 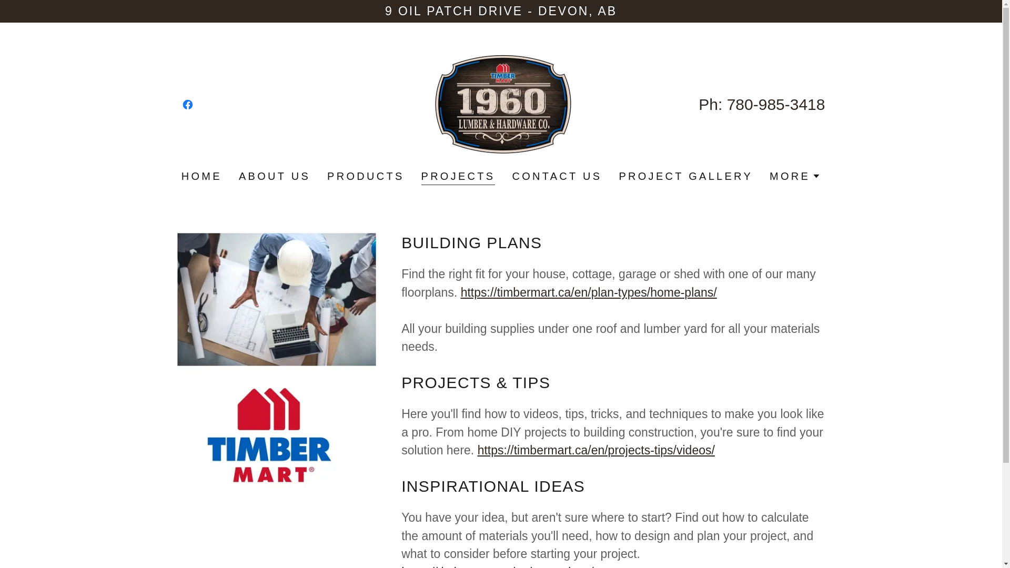 I want to click on 'https://timbermart.ca/en/plan-types/home-plans/', so click(x=588, y=292).